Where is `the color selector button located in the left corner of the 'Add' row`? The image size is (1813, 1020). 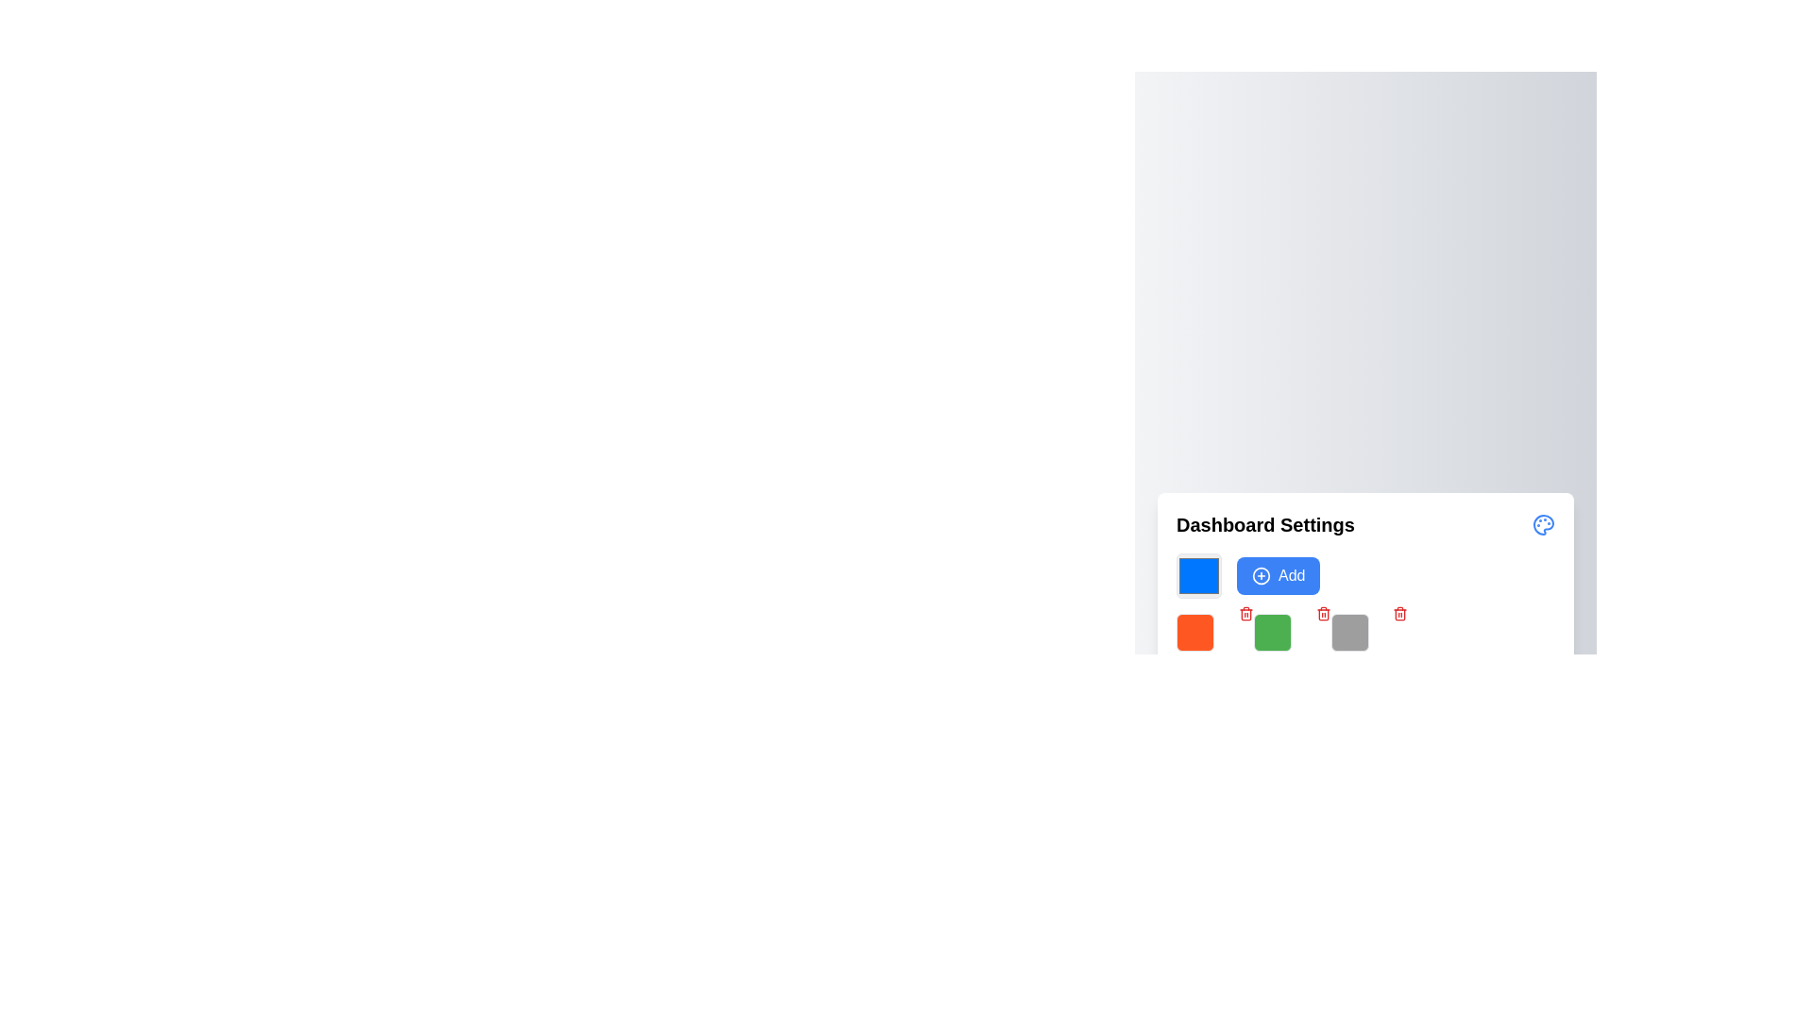 the color selector button located in the left corner of the 'Add' row is located at coordinates (1198, 574).